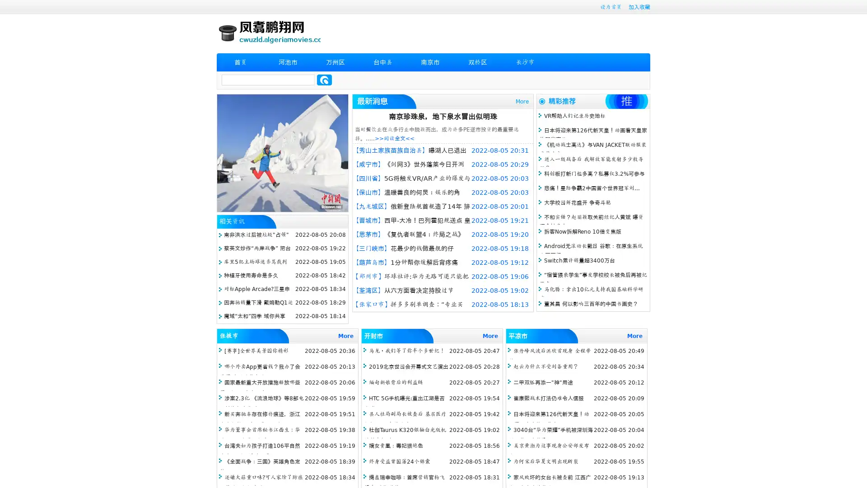 The width and height of the screenshot is (867, 488). What do you see at coordinates (324, 80) in the screenshot?
I see `Search` at bounding box center [324, 80].